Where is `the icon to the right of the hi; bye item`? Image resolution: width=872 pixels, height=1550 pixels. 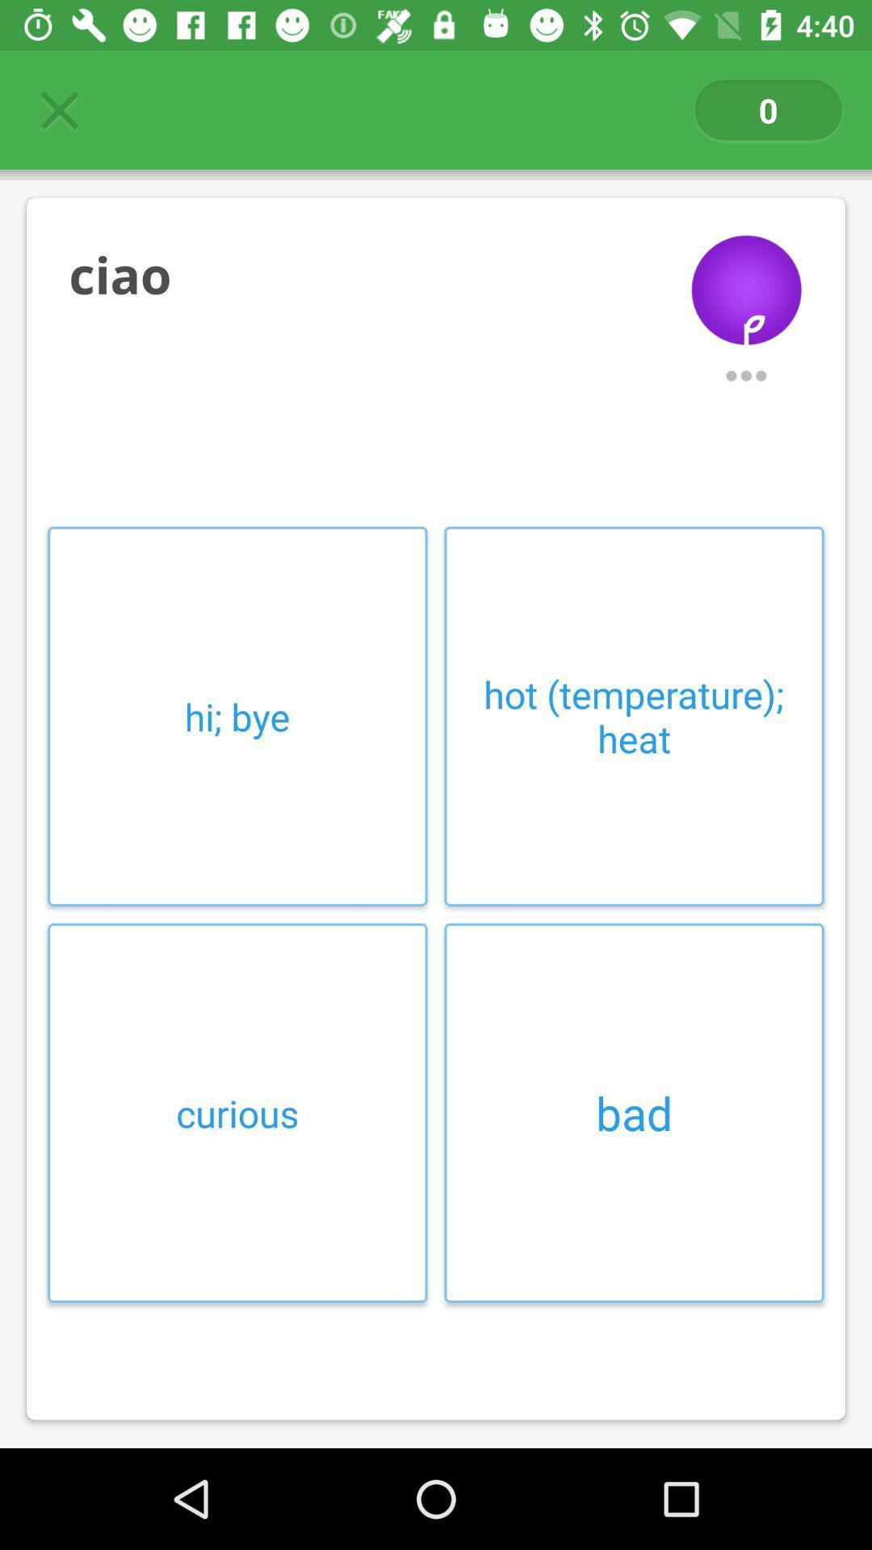
the icon to the right of the hi; bye item is located at coordinates (633, 715).